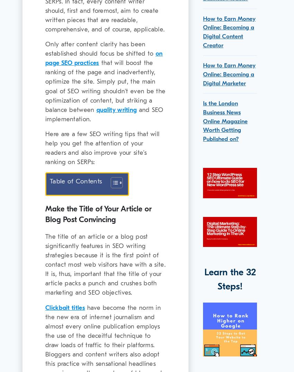  What do you see at coordinates (65, 307) in the screenshot?
I see `'Clickbait titles'` at bounding box center [65, 307].